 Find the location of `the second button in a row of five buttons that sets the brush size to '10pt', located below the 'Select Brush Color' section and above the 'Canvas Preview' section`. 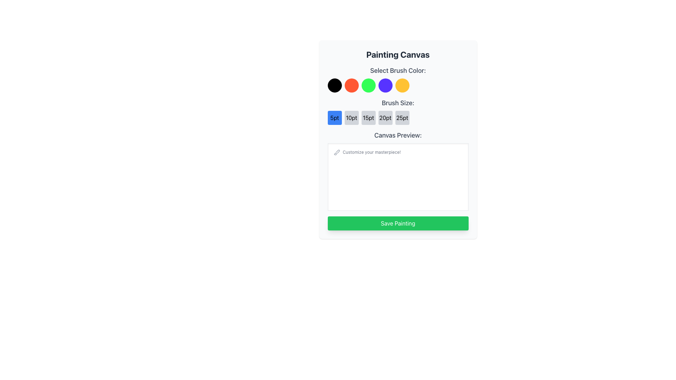

the second button in a row of five buttons that sets the brush size to '10pt', located below the 'Select Brush Color' section and above the 'Canvas Preview' section is located at coordinates (351, 118).